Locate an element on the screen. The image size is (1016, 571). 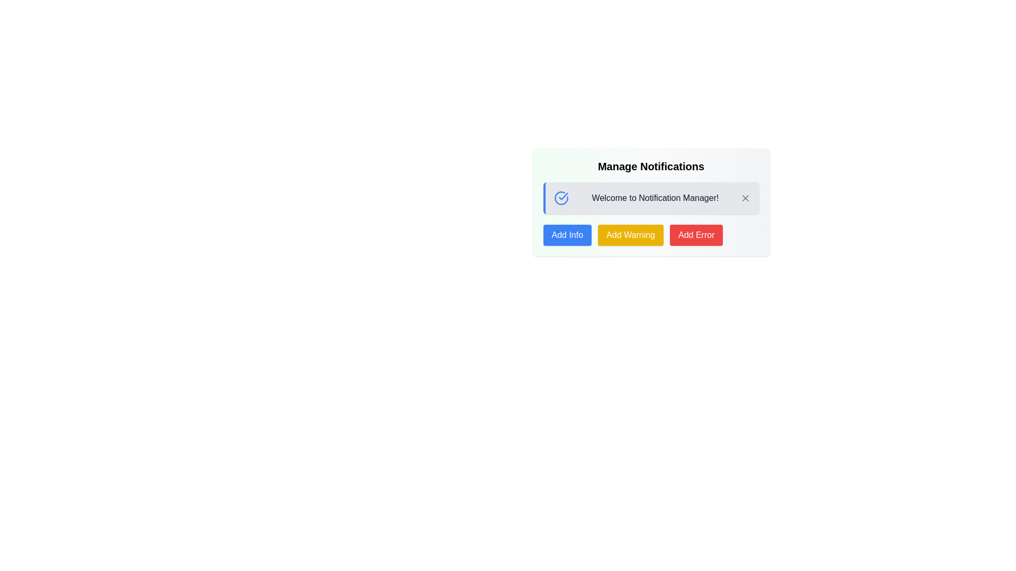
the blue rectangular button labeled 'Add Info' to change its color is located at coordinates (567, 234).